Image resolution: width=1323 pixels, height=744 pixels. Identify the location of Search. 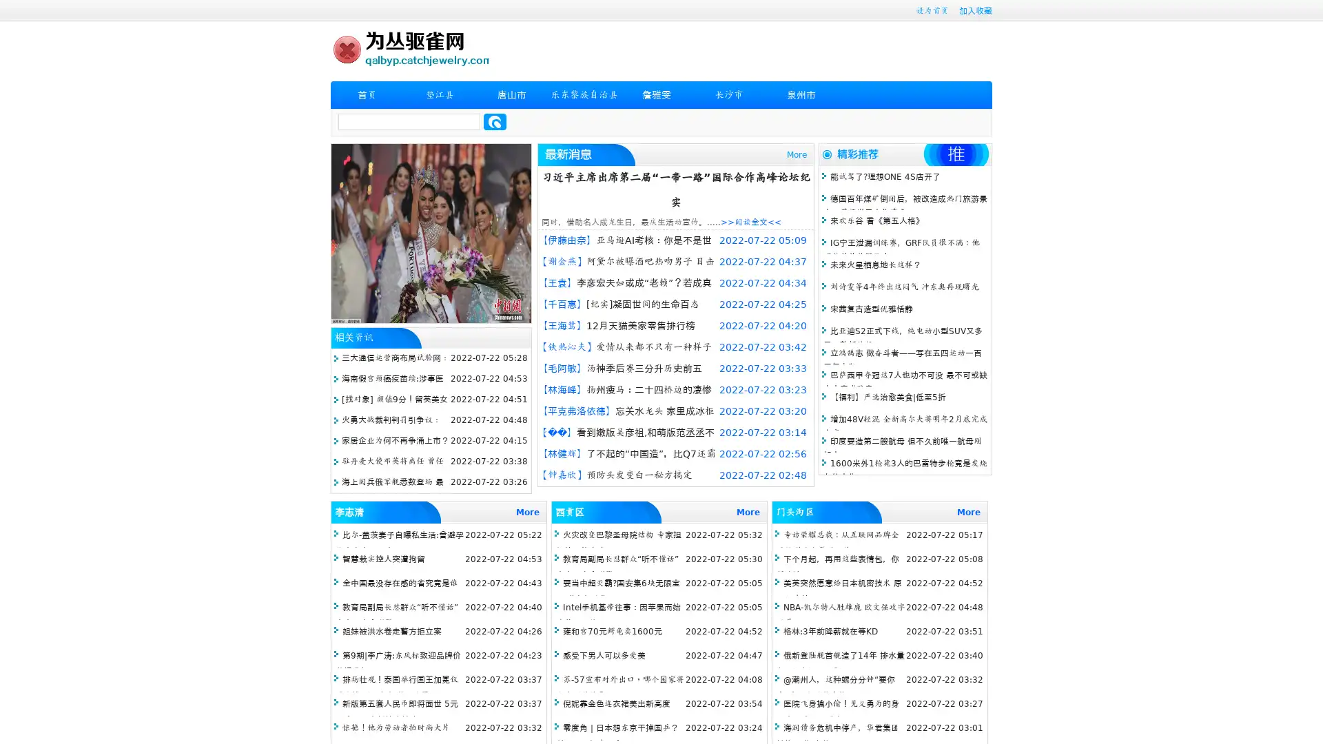
(495, 121).